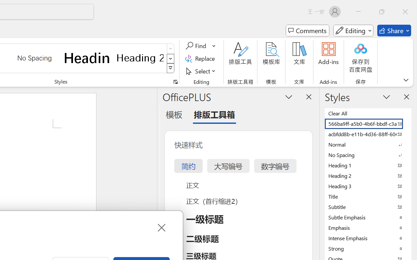 This screenshot has height=260, width=417. Describe the element at coordinates (368, 227) in the screenshot. I see `'Emphasis'` at that location.